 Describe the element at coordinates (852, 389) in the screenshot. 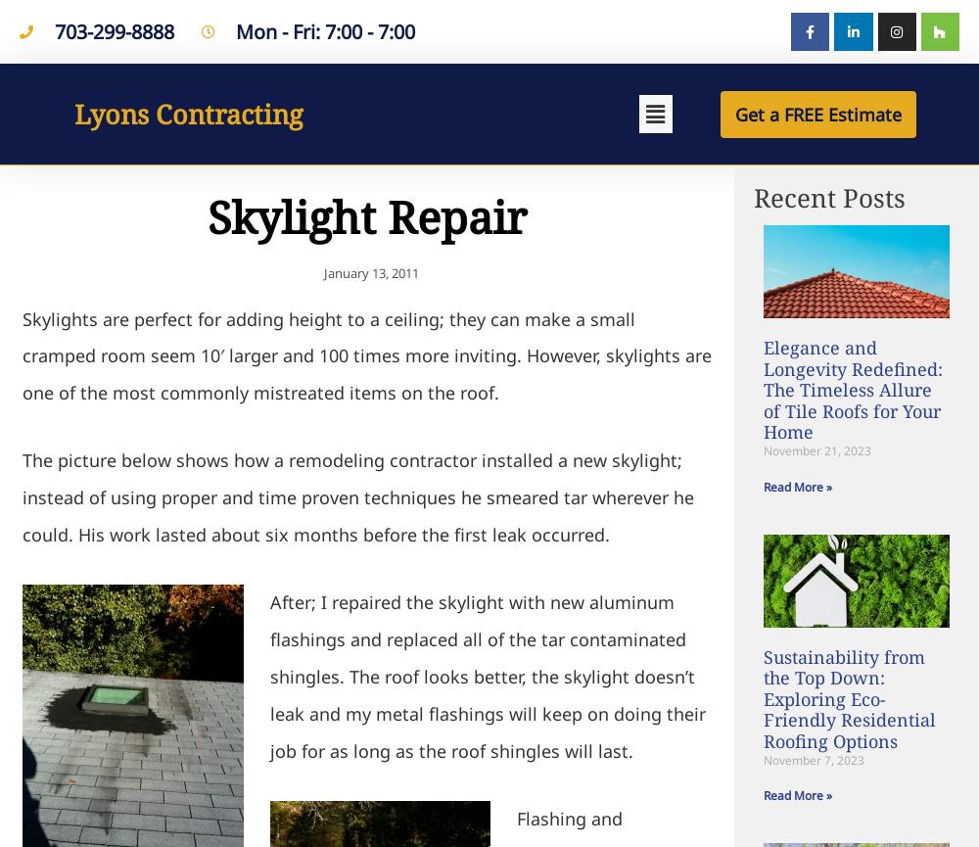

I see `'Elegance and Longevity Redefined: The Timeless Allure of Tile Roofs for Your Home'` at that location.